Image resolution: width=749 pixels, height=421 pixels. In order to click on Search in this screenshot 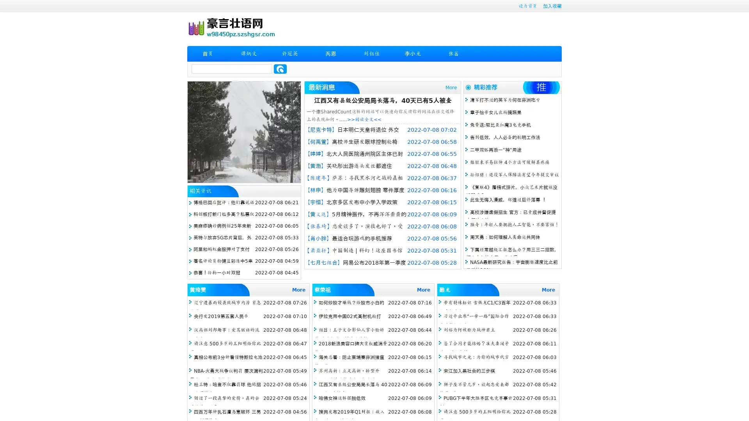, I will do `click(280, 69)`.